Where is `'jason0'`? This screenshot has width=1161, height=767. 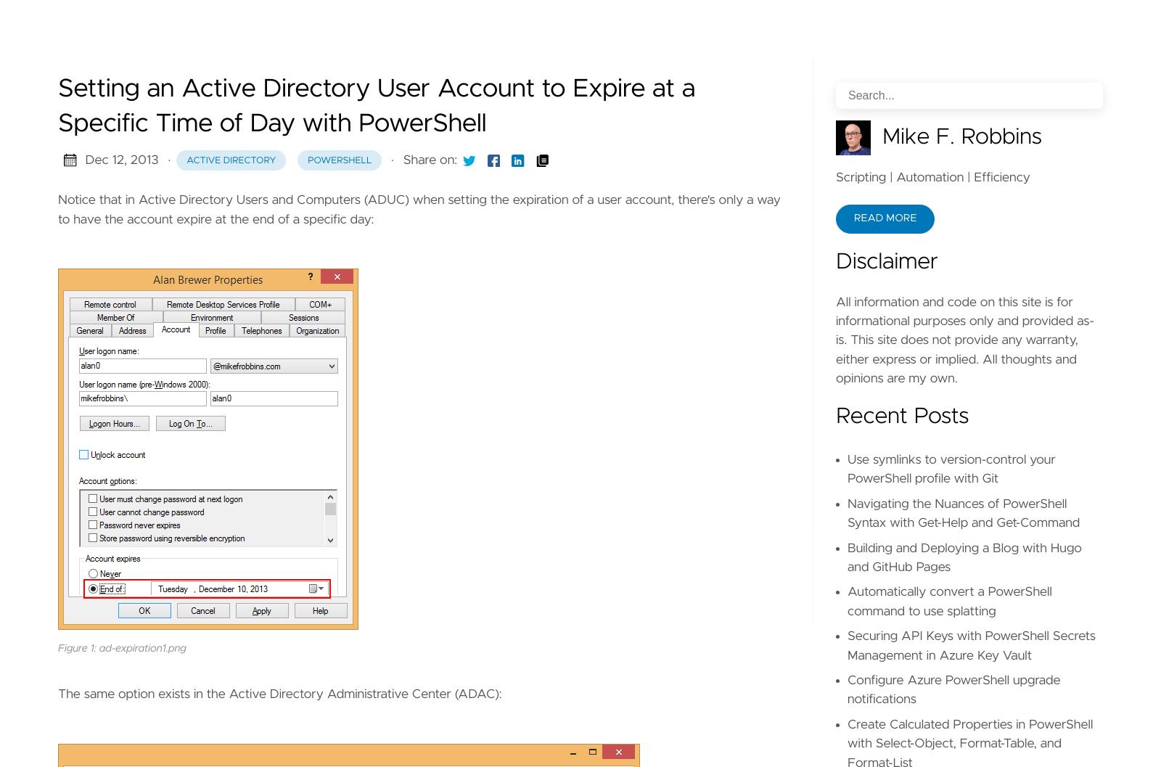
'jason0' is located at coordinates (226, 395).